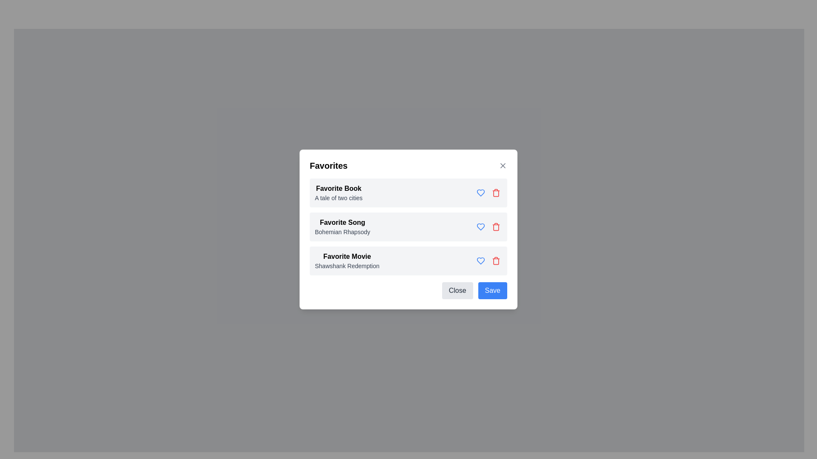 This screenshot has width=817, height=459. Describe the element at coordinates (347, 260) in the screenshot. I see `the 'Favorite Movie' text label, which is the third item in a vertically arranged list of favorites within a modal dialog` at that location.